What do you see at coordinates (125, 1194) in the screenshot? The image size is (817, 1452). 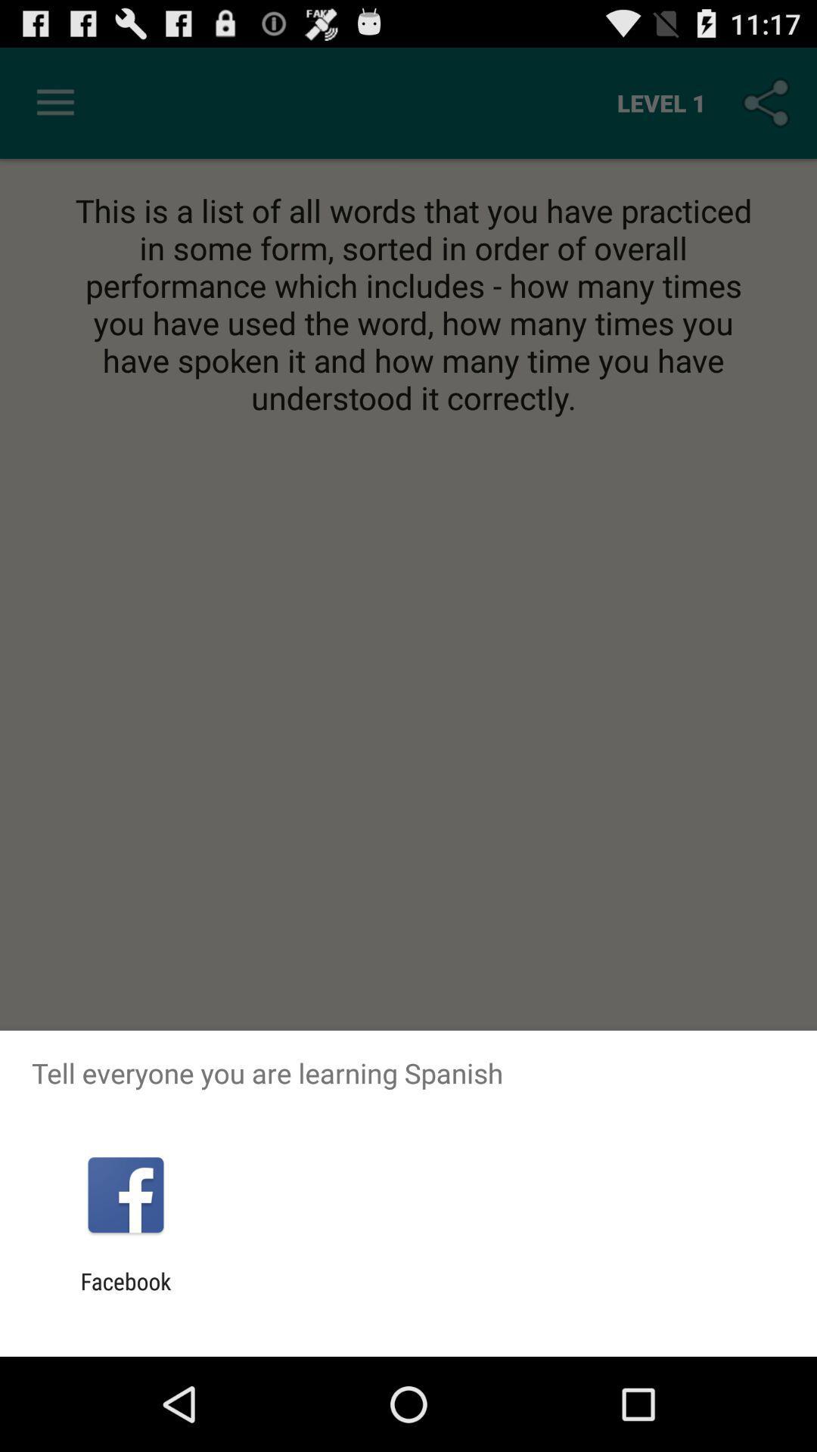 I see `the item below tell everyone you` at bounding box center [125, 1194].